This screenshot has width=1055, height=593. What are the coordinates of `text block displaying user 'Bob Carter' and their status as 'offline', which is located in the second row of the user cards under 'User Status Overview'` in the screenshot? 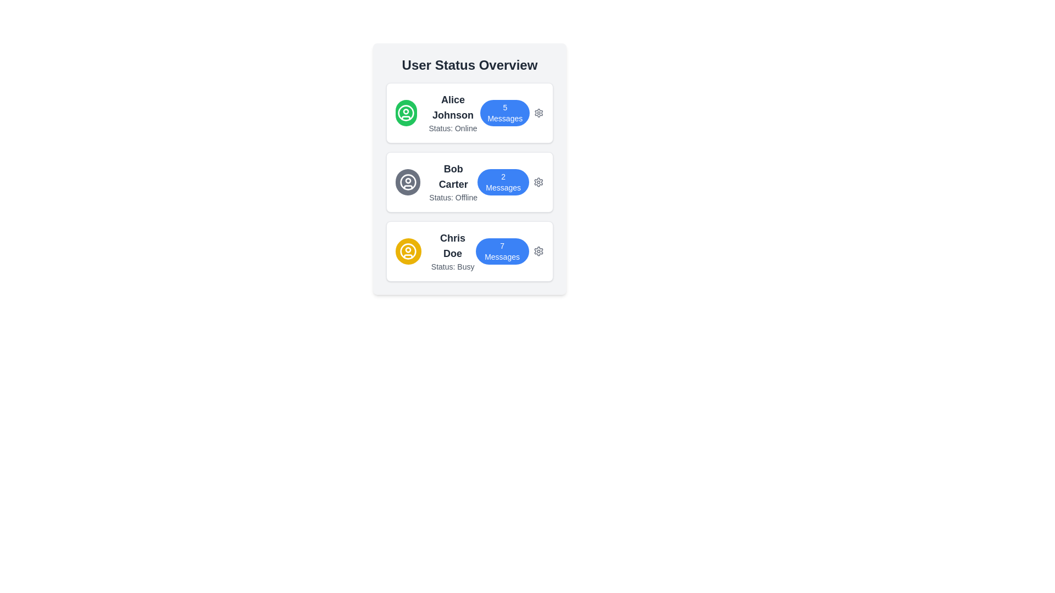 It's located at (453, 181).